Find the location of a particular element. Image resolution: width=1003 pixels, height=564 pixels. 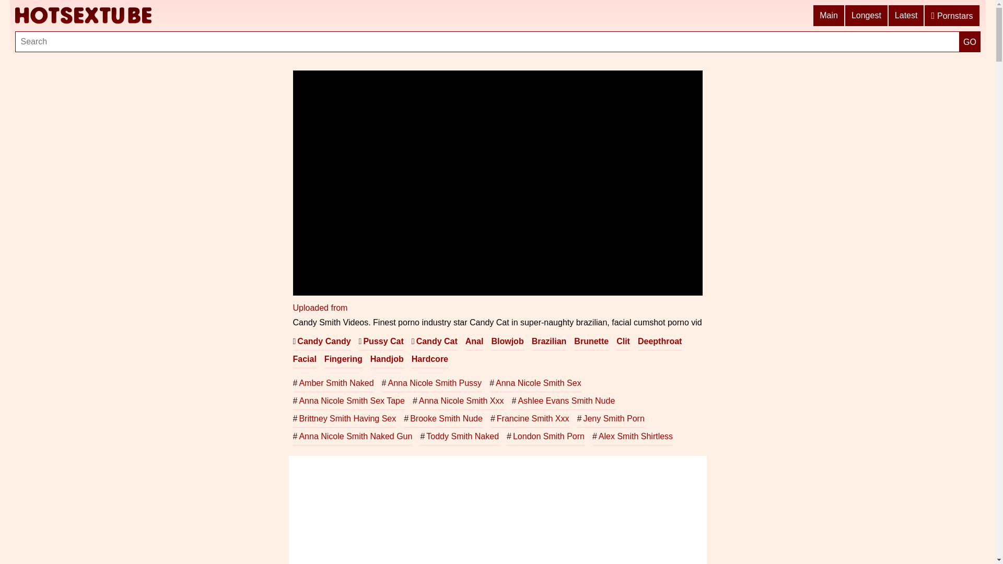

'Ashlee Evans Smith Nude' is located at coordinates (511, 400).